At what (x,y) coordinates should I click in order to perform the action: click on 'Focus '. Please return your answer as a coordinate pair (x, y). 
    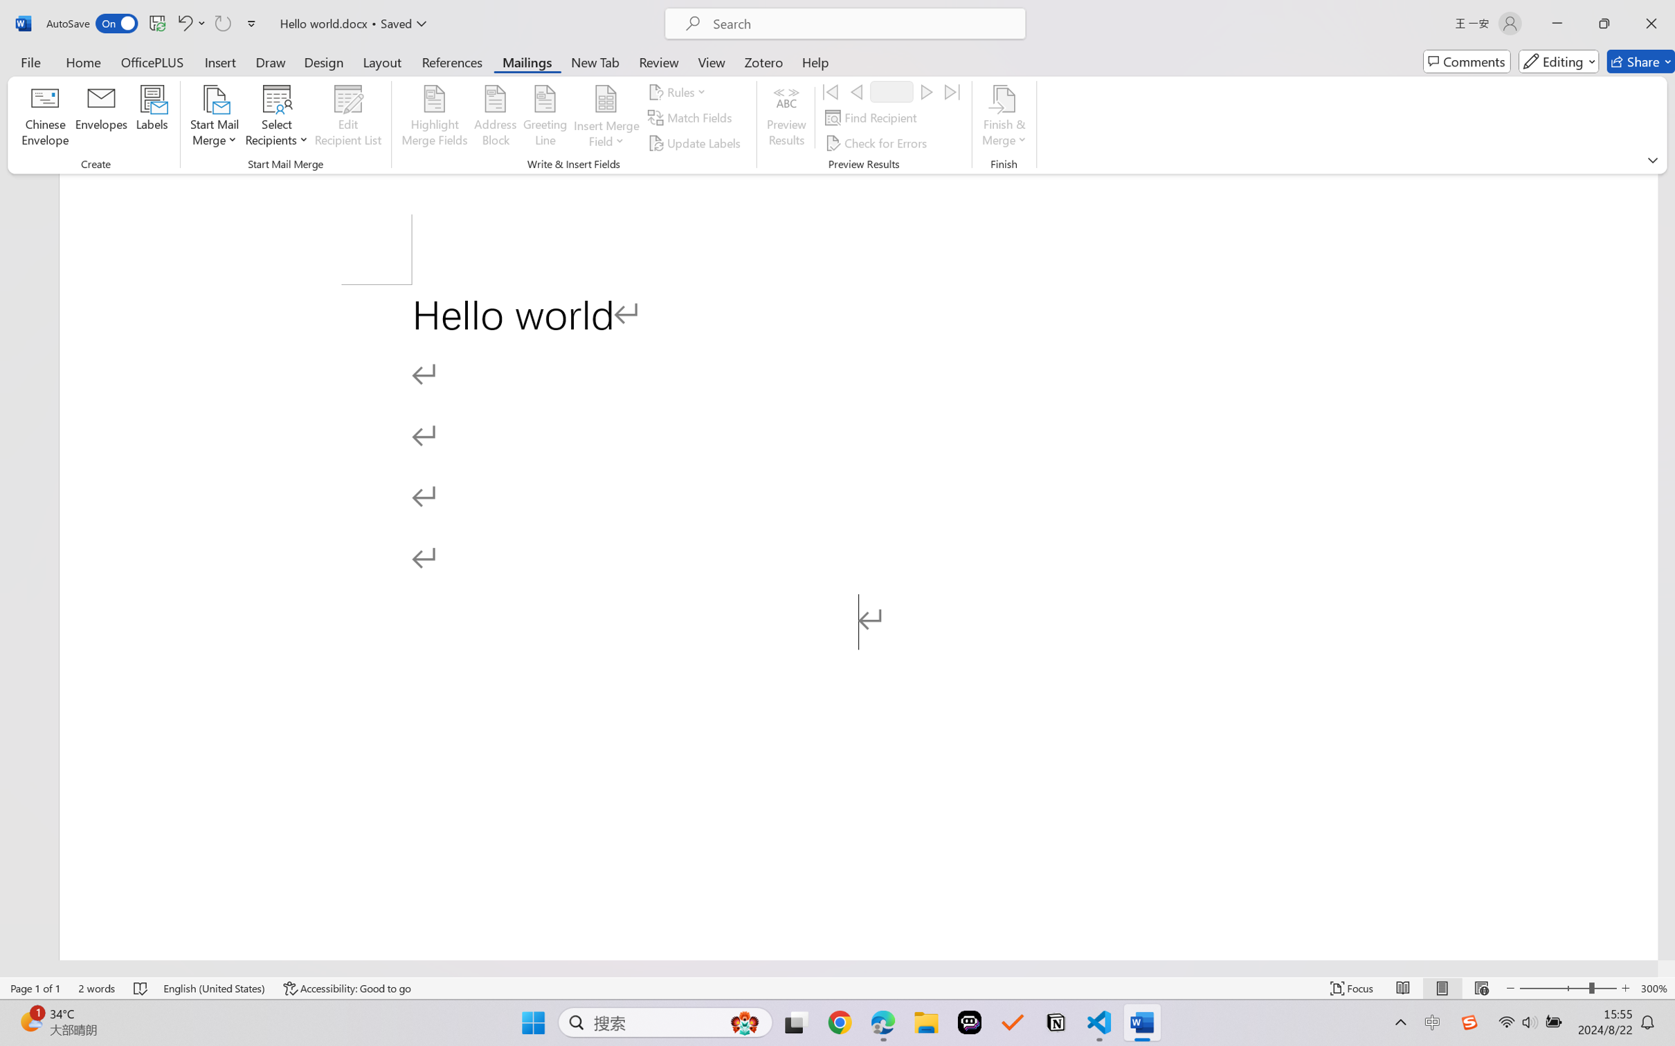
    Looking at the image, I should click on (1352, 988).